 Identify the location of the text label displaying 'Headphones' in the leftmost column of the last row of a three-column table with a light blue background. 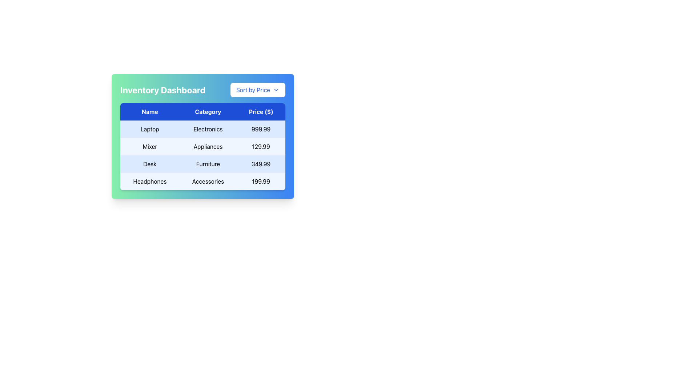
(149, 181).